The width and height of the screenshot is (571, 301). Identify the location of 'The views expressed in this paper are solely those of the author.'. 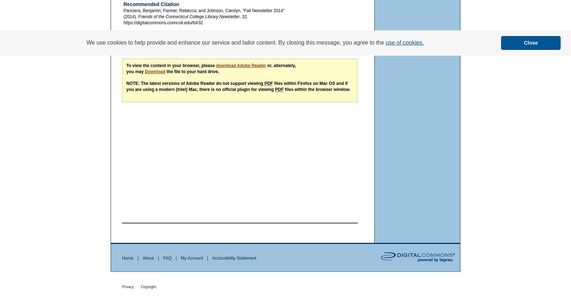
(182, 42).